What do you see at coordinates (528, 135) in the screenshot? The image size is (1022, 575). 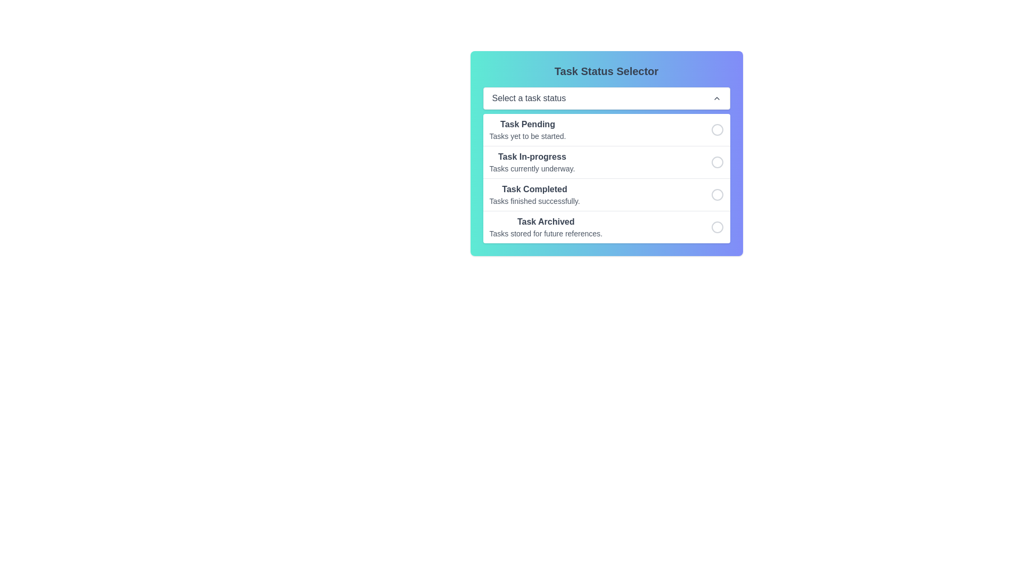 I see `the descriptive Text label that provides additional context about the 'Task Pending' status, located directly below the 'Task Pending' header in the 'Task Status Selector' interface` at bounding box center [528, 135].